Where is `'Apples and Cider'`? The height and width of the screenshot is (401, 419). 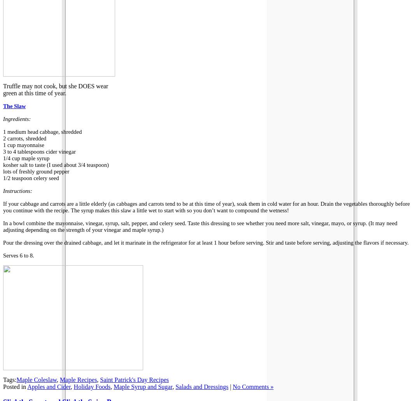
'Apples and Cider' is located at coordinates (49, 386).